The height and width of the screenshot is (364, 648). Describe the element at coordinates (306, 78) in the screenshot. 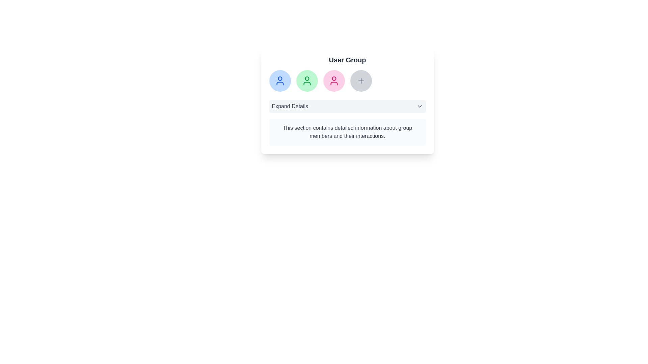

I see `the user avatar icon, which is a circular icon styled in green, located in the second position among four horizontal user icons in the 'User Group' section` at that location.